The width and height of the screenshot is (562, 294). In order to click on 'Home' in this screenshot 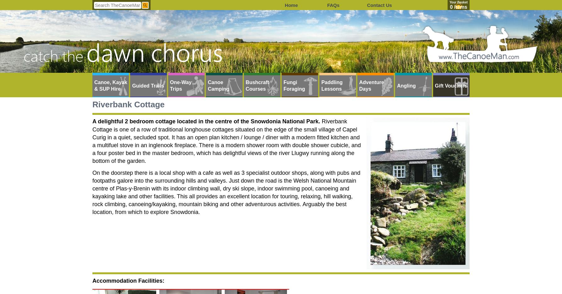, I will do `click(291, 5)`.